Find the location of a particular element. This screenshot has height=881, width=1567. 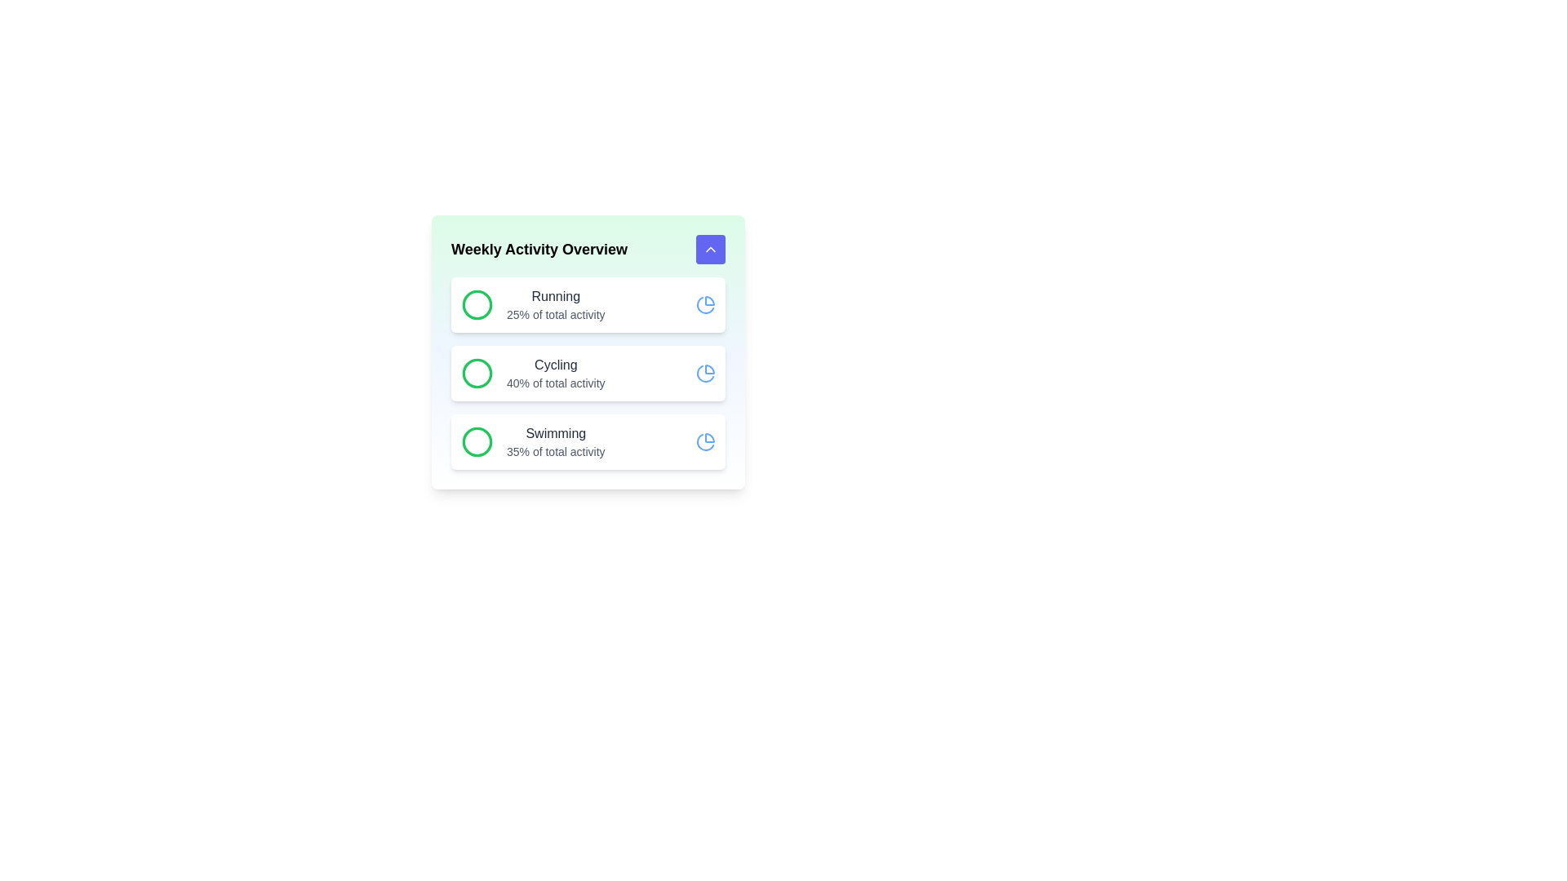

the button located at the far-right end of the 'Weekly Activity Overview' section is located at coordinates (710, 249).